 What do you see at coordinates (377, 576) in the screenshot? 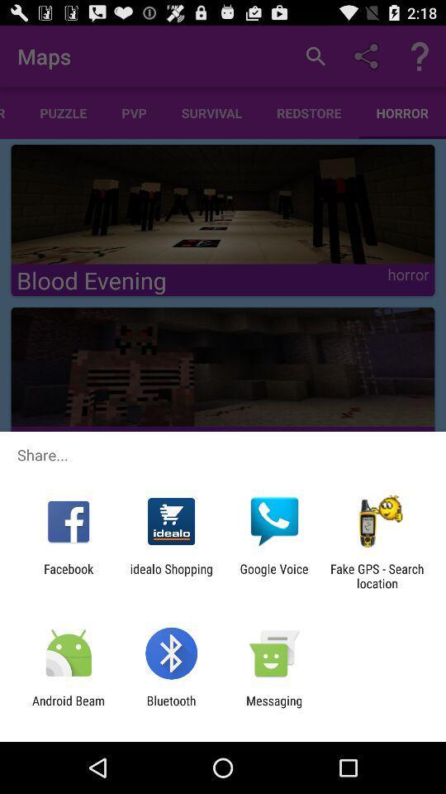
I see `the fake gps search app` at bounding box center [377, 576].